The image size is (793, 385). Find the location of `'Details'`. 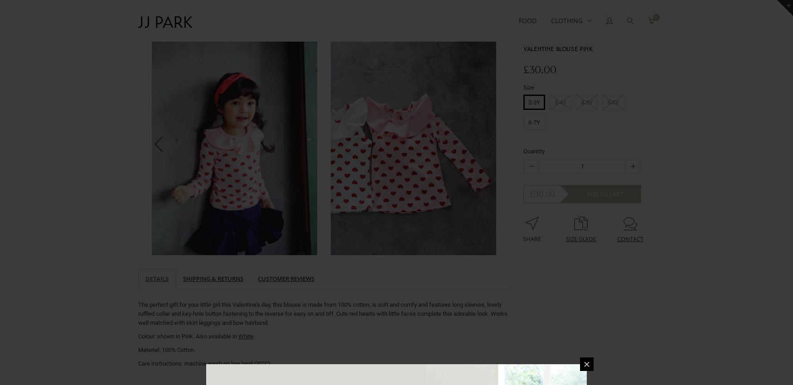

'Details' is located at coordinates (157, 278).